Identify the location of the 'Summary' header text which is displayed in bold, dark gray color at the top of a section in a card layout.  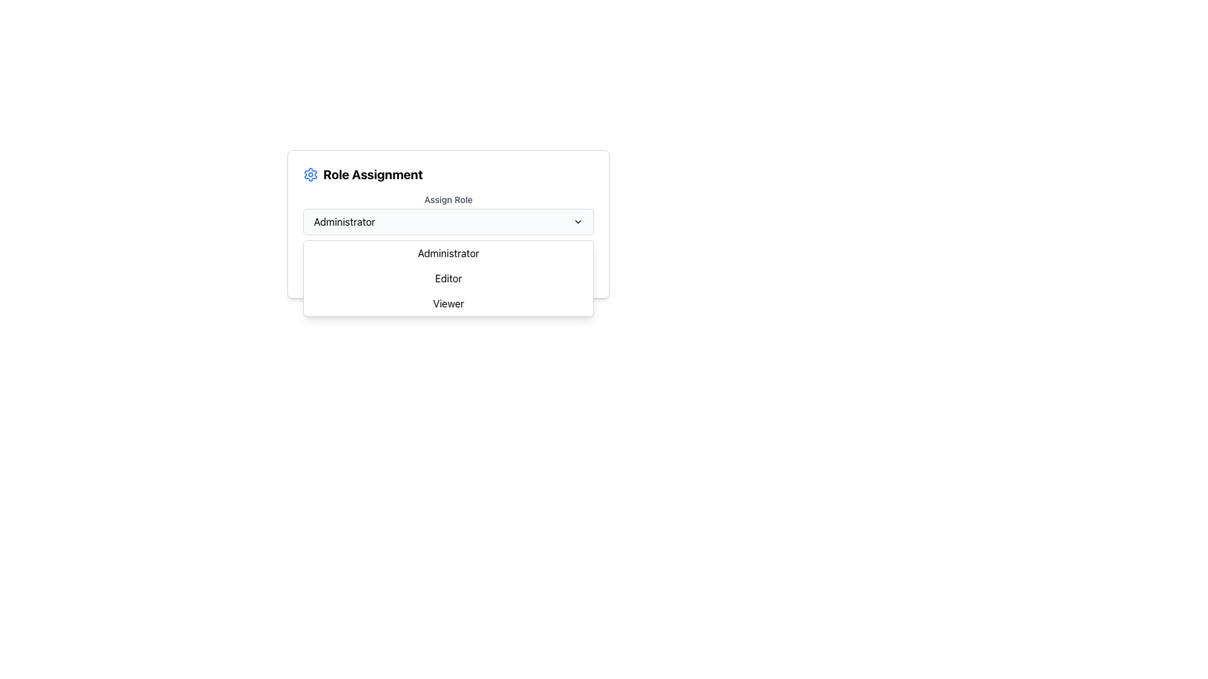
(449, 257).